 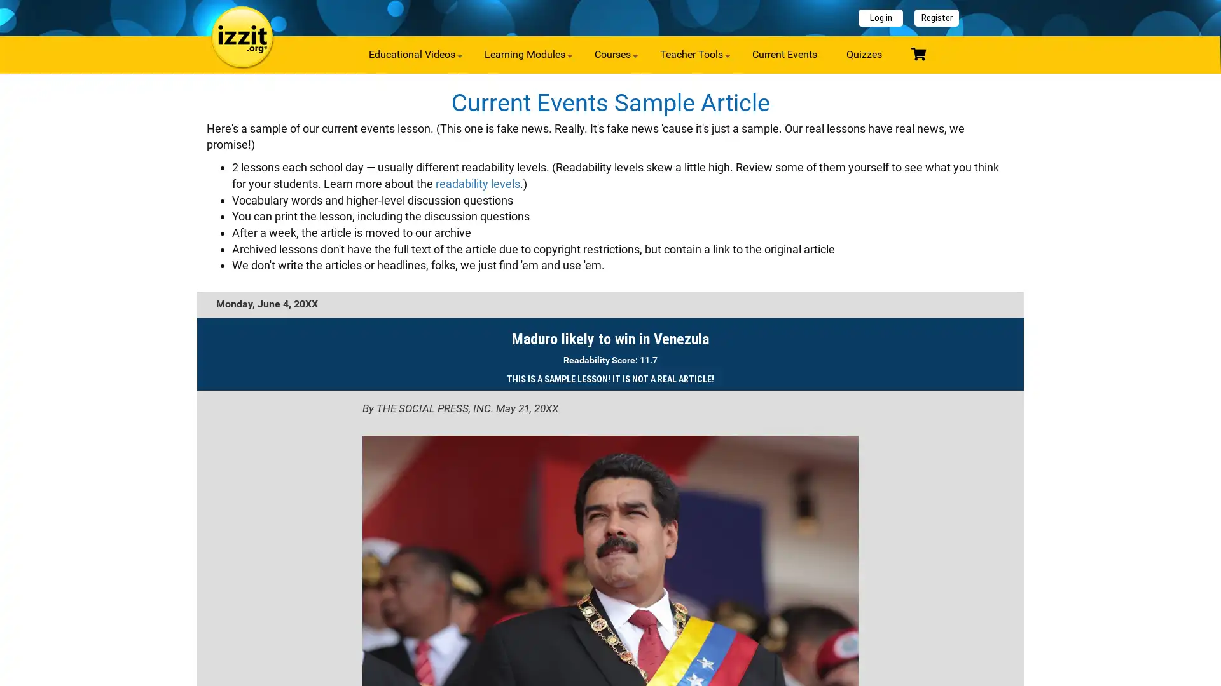 What do you see at coordinates (937, 18) in the screenshot?
I see `Register` at bounding box center [937, 18].